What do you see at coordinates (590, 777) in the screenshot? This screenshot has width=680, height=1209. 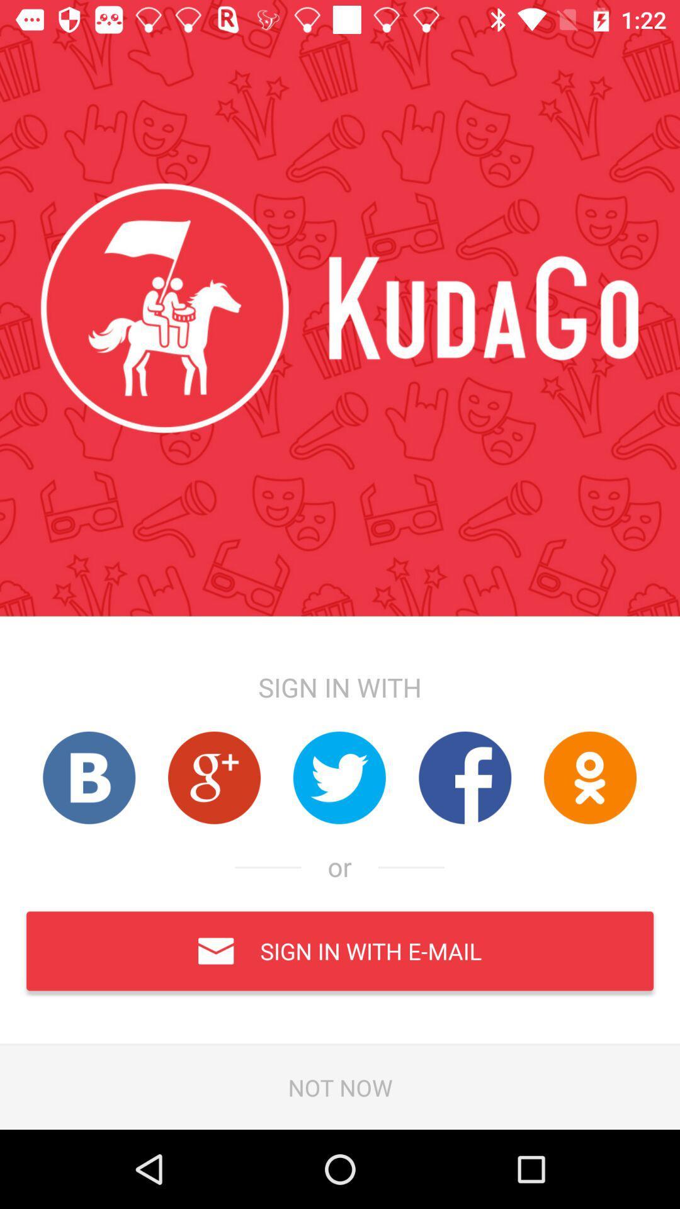 I see `the microphone icon` at bounding box center [590, 777].